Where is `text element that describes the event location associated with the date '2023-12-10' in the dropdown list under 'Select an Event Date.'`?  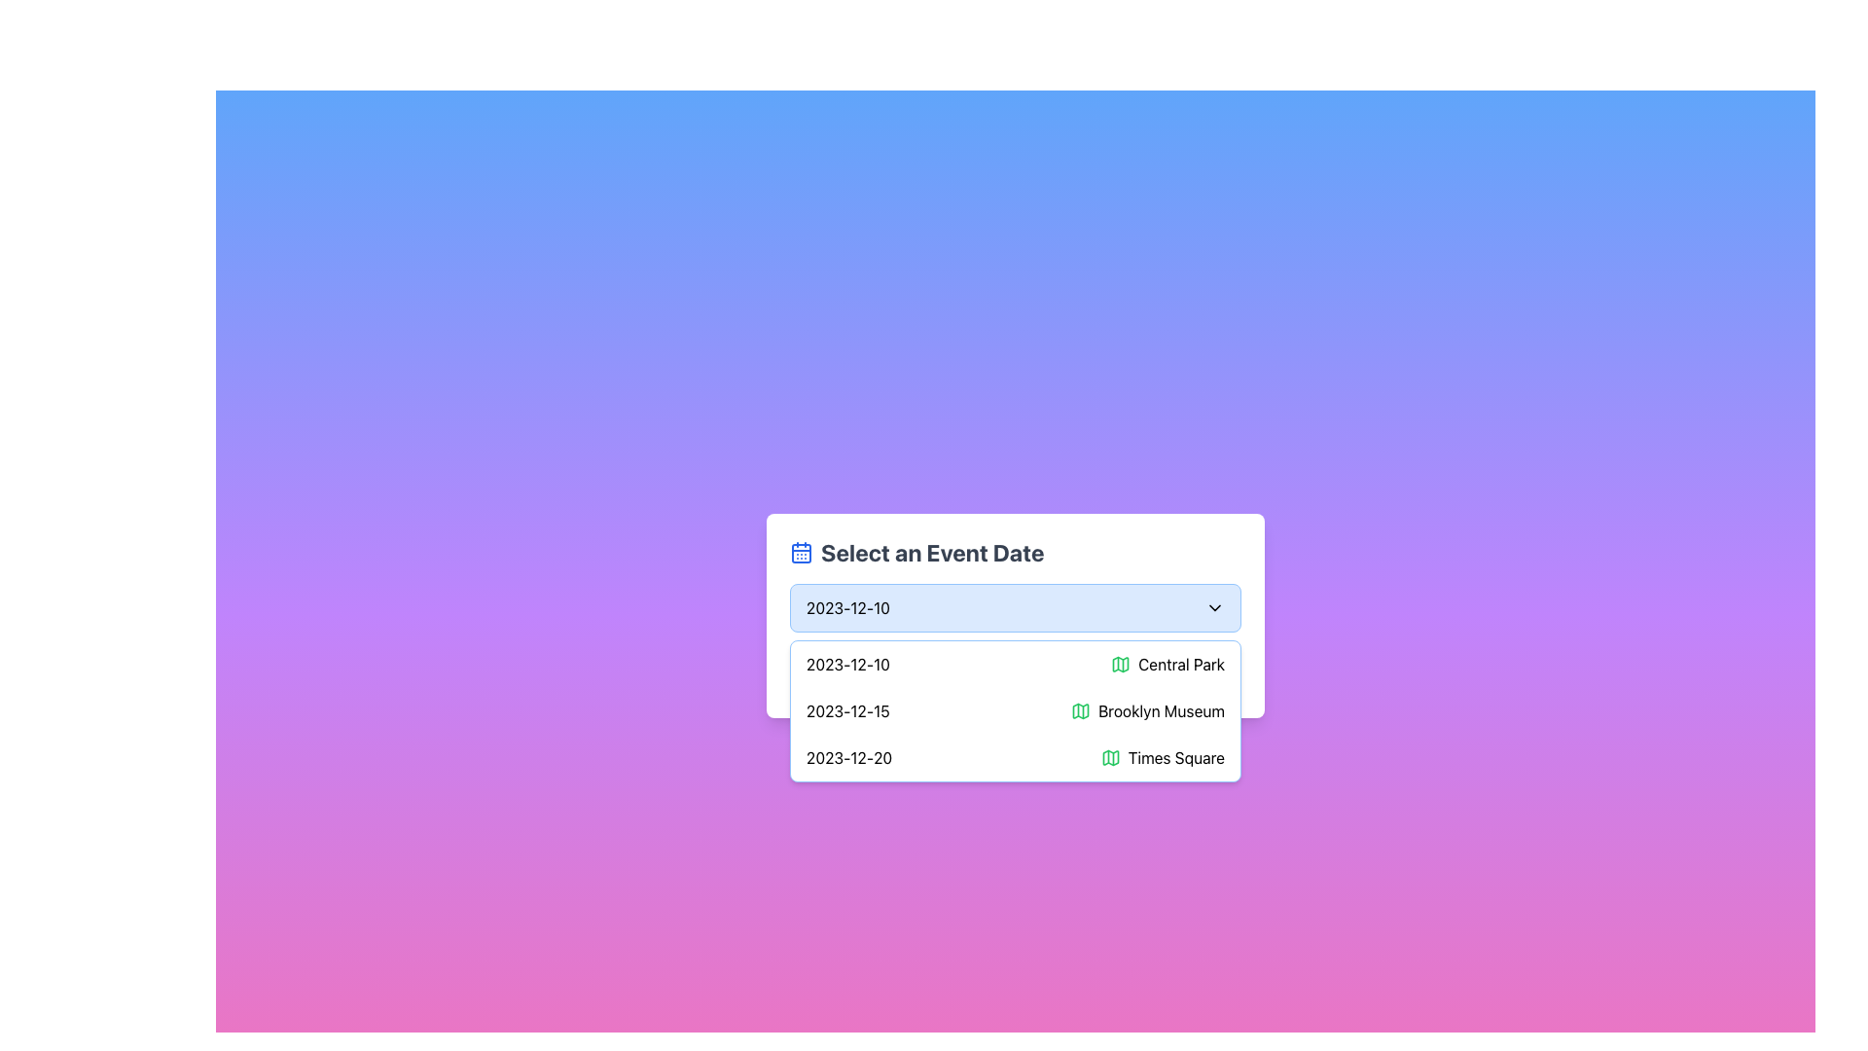 text element that describes the event location associated with the date '2023-12-10' in the dropdown list under 'Select an Event Date.' is located at coordinates (1167, 663).